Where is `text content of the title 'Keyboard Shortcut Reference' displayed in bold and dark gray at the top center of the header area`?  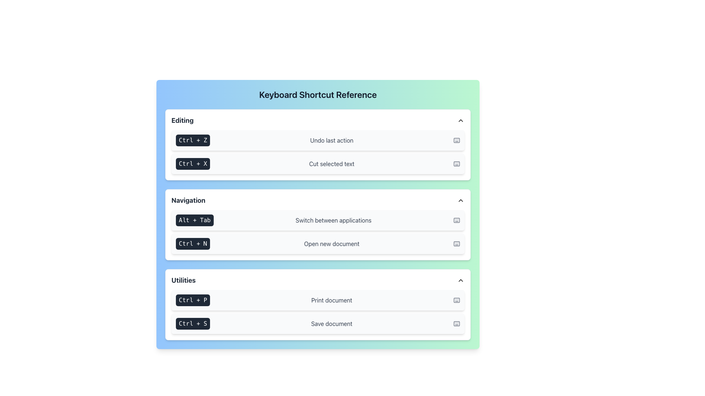
text content of the title 'Keyboard Shortcut Reference' displayed in bold and dark gray at the top center of the header area is located at coordinates (318, 94).